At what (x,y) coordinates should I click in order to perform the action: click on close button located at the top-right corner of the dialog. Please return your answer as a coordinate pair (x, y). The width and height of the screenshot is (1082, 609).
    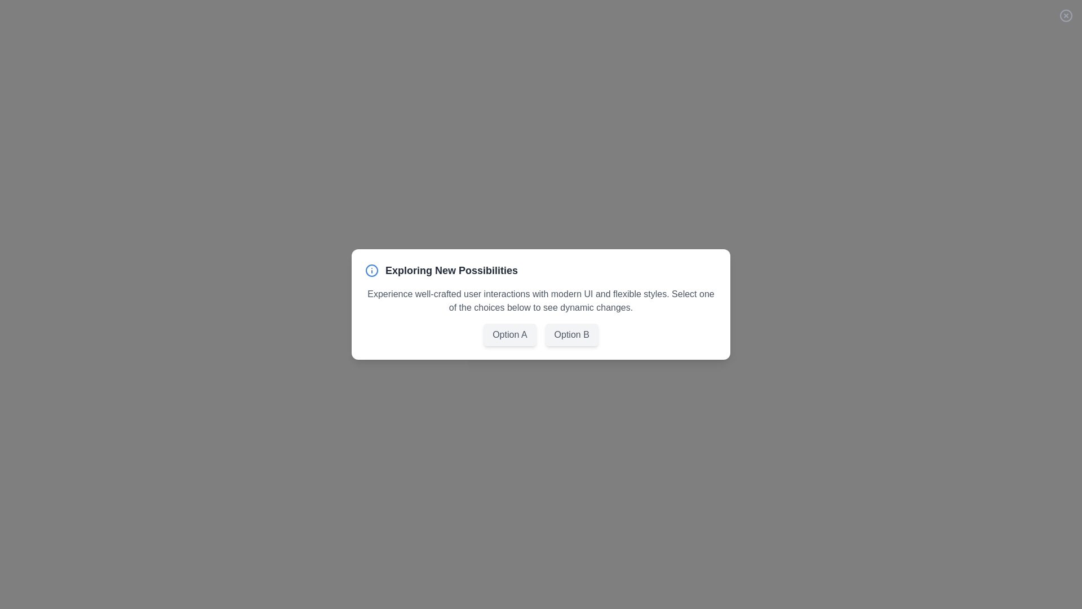
    Looking at the image, I should click on (1065, 15).